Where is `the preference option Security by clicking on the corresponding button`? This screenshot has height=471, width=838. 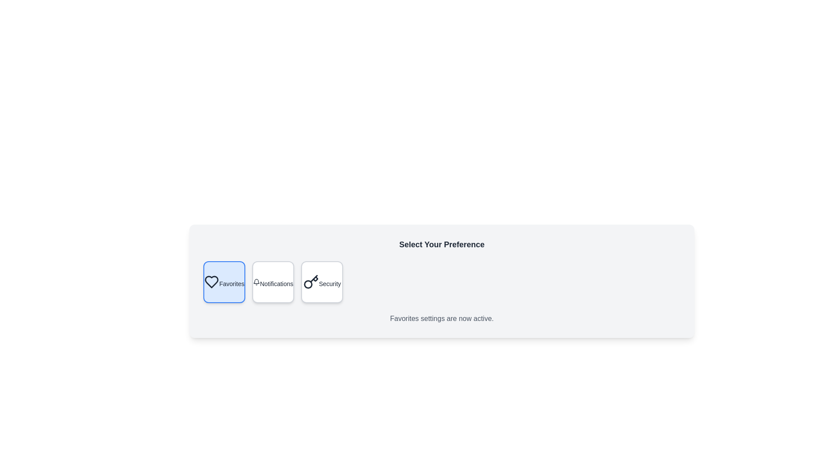 the preference option Security by clicking on the corresponding button is located at coordinates (322, 282).